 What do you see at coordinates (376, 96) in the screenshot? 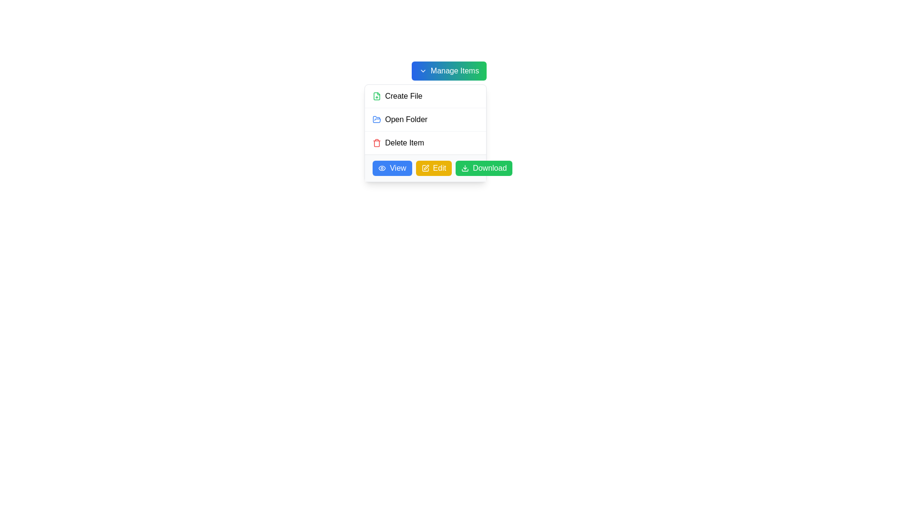
I see `the small green icon representing the 'Create File' action in the vertical menu, located at the topmost position and to the left of the 'Create File' label` at bounding box center [376, 96].